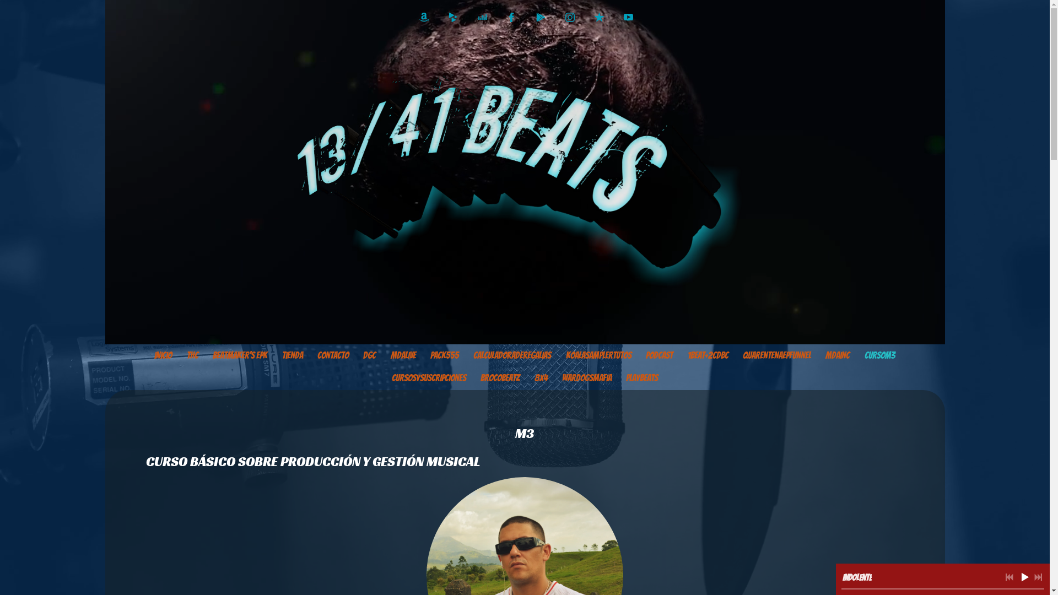 The height and width of the screenshot is (595, 1058). I want to click on 'https://www.facebook.com/Kabster1341', so click(511, 17).